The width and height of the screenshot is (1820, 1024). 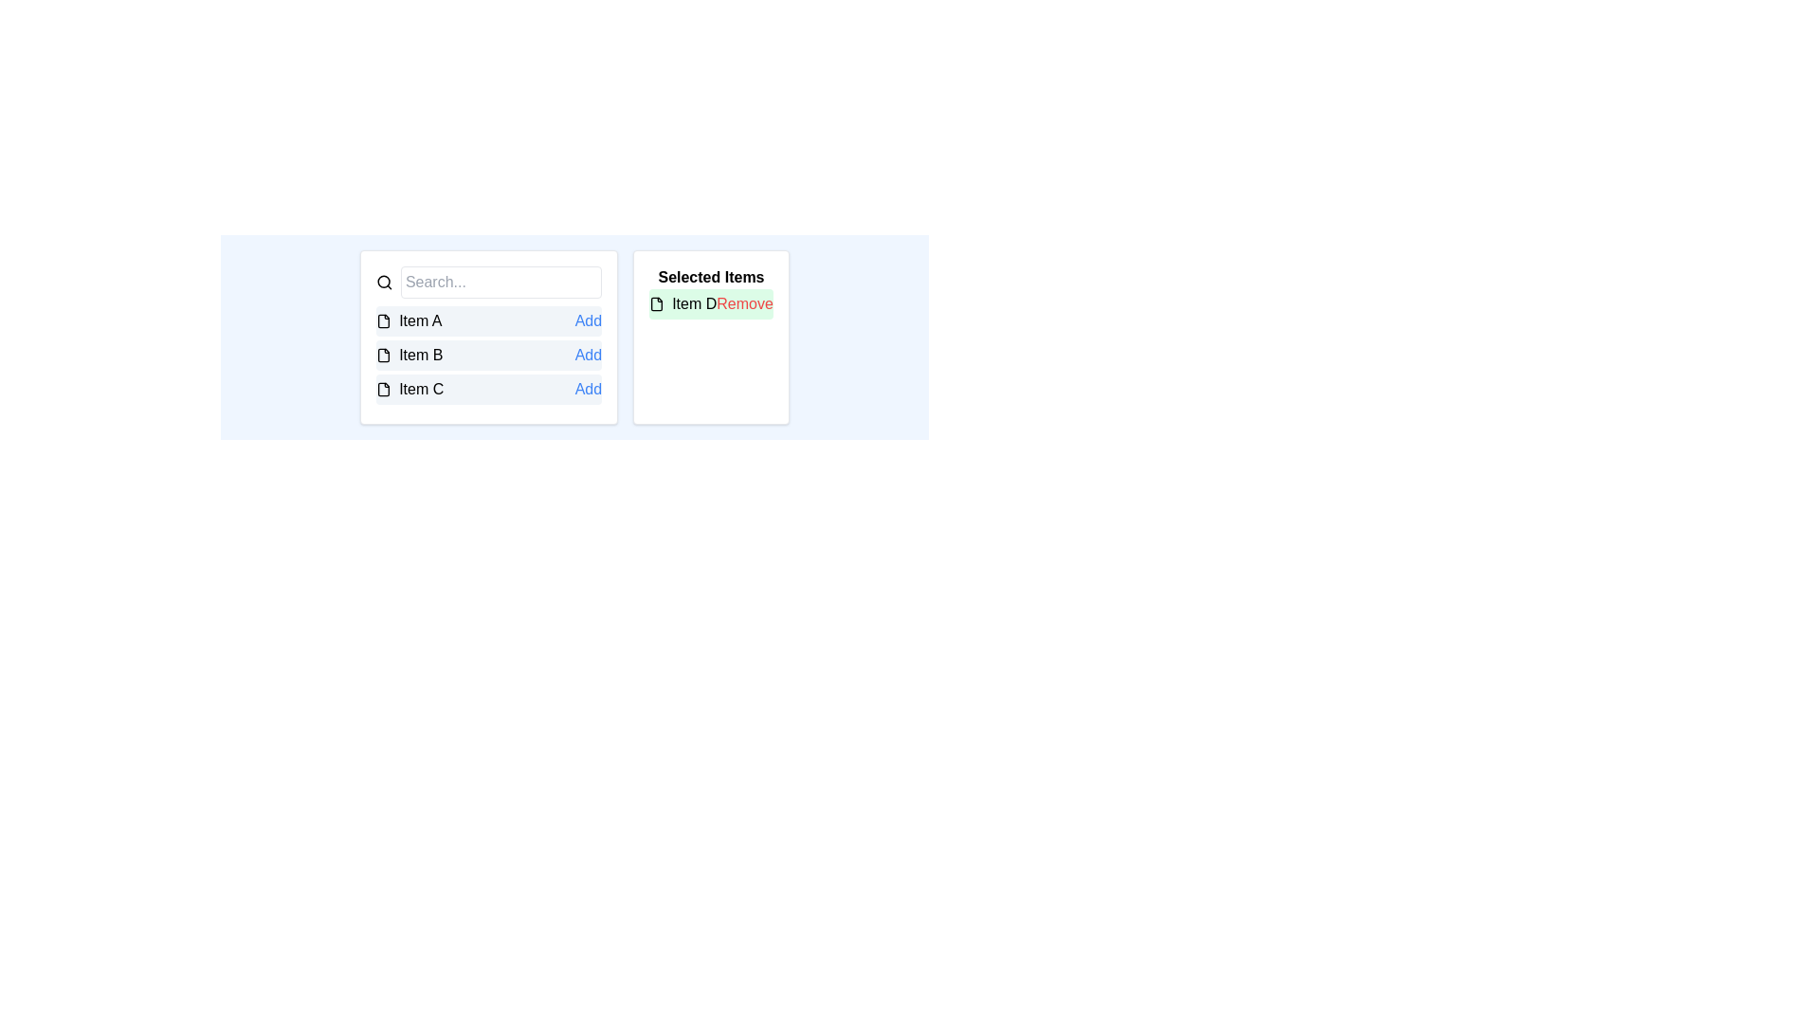 What do you see at coordinates (744, 302) in the screenshot?
I see `the button located at the right end of the row for 'Item D' in the 'Selected Items' list` at bounding box center [744, 302].